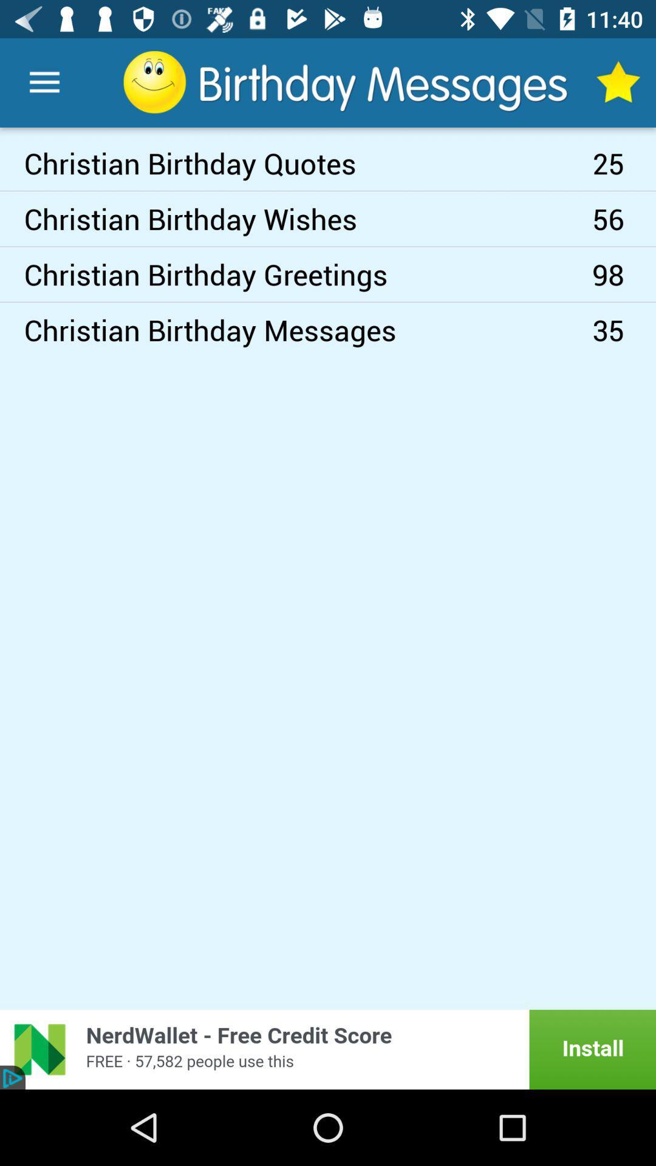  What do you see at coordinates (624, 330) in the screenshot?
I see `35 item` at bounding box center [624, 330].